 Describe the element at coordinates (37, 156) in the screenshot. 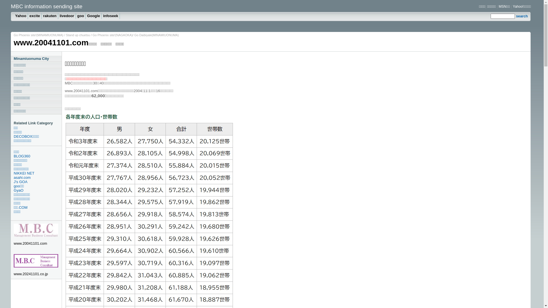

I see `'BLOG360'` at that location.